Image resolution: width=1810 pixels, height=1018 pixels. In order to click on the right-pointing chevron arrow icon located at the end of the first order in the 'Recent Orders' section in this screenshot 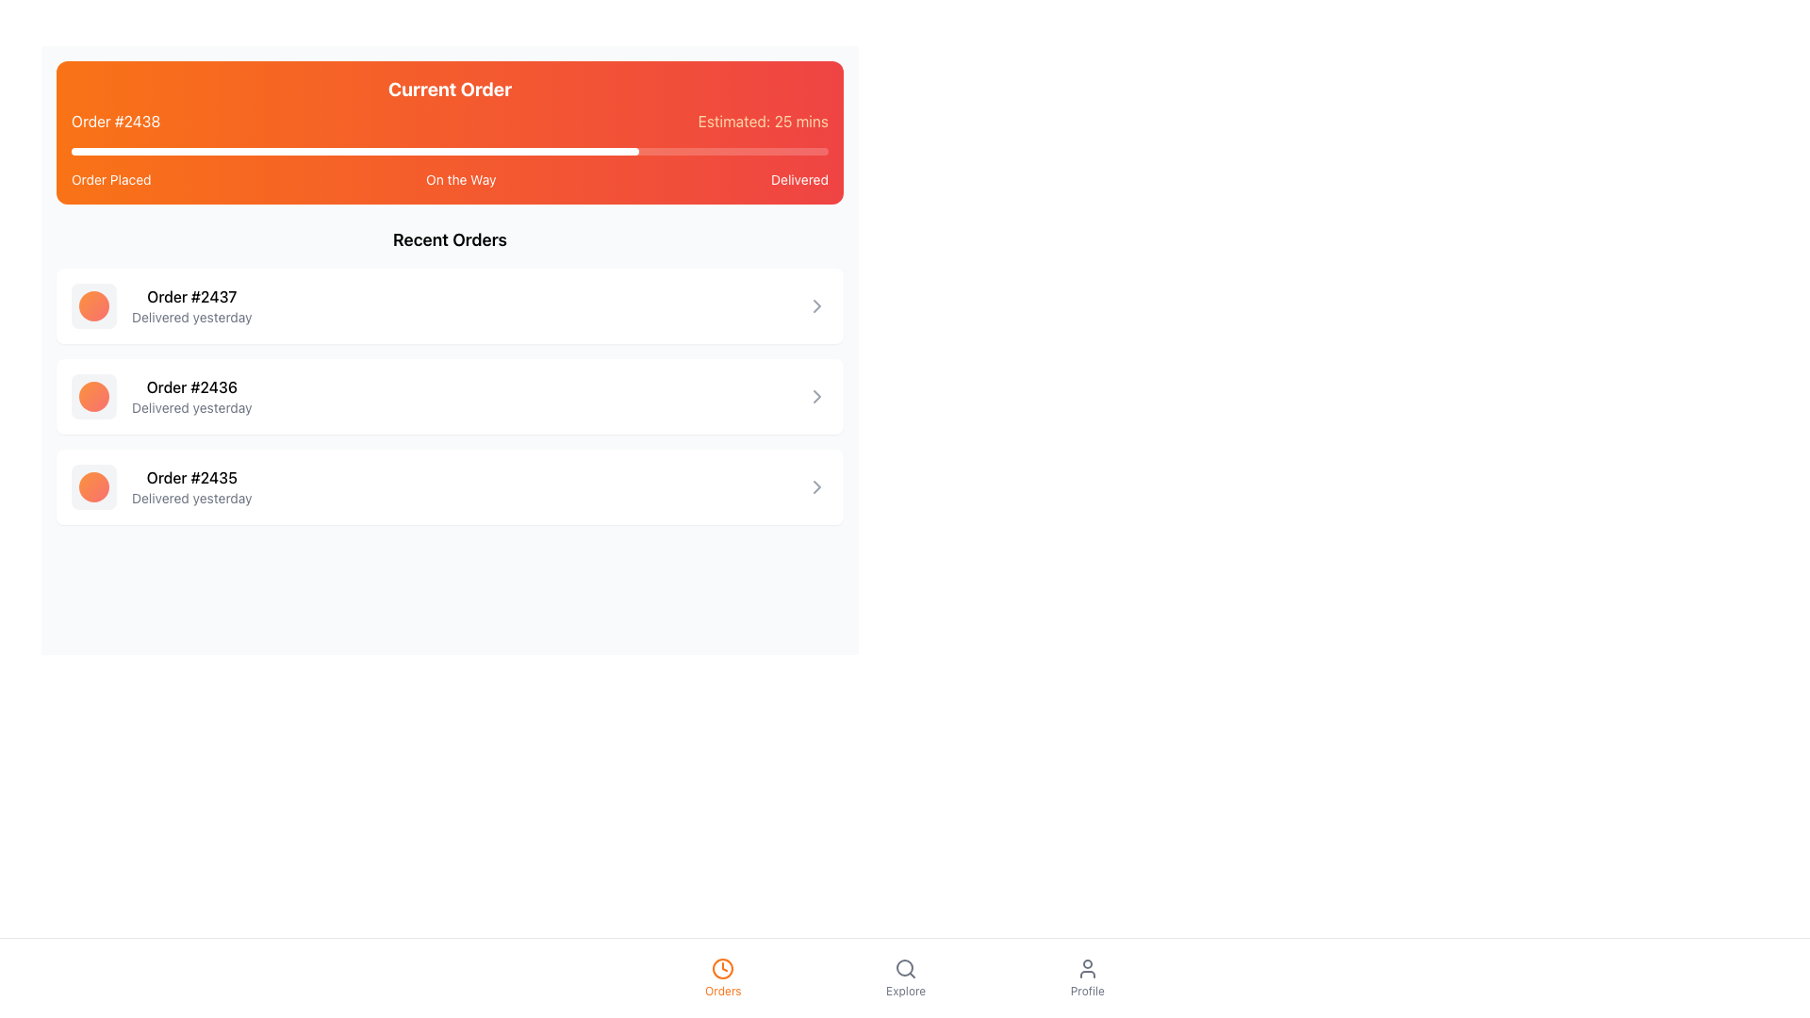, I will do `click(817, 304)`.